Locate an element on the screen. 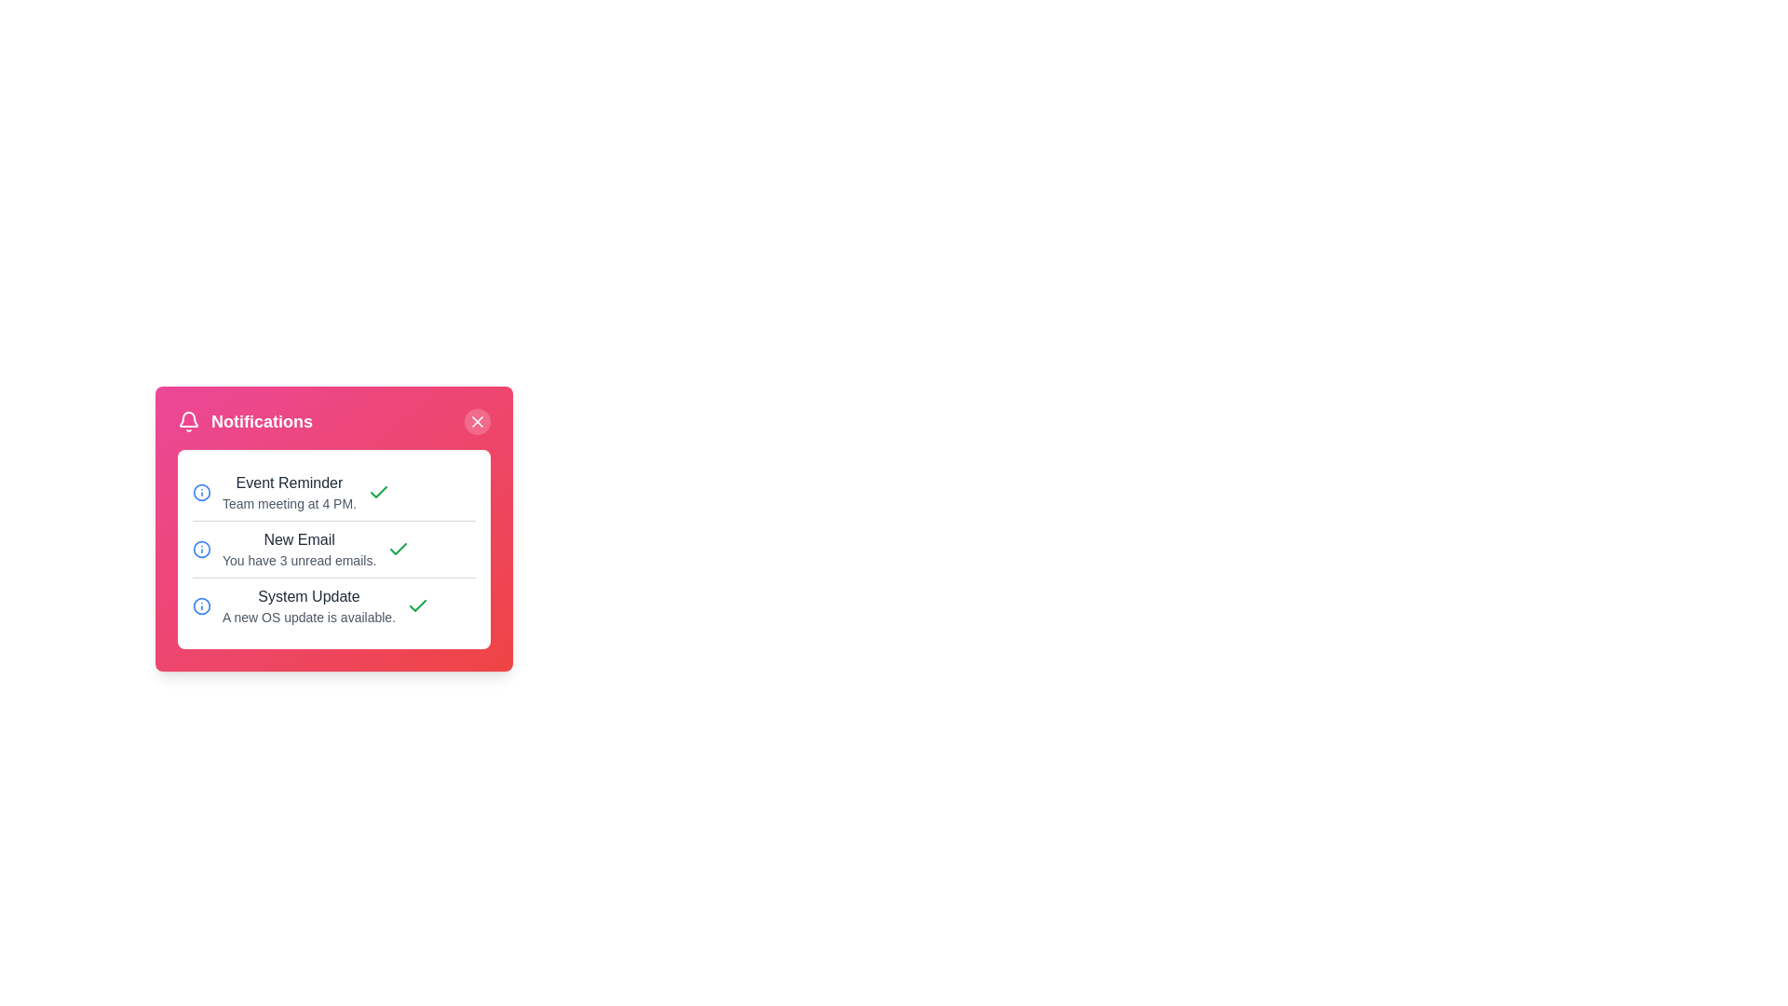  the Notification entry that notifies the user about new email messages, positioned second in a vertical list of three notifications is located at coordinates (334, 548).